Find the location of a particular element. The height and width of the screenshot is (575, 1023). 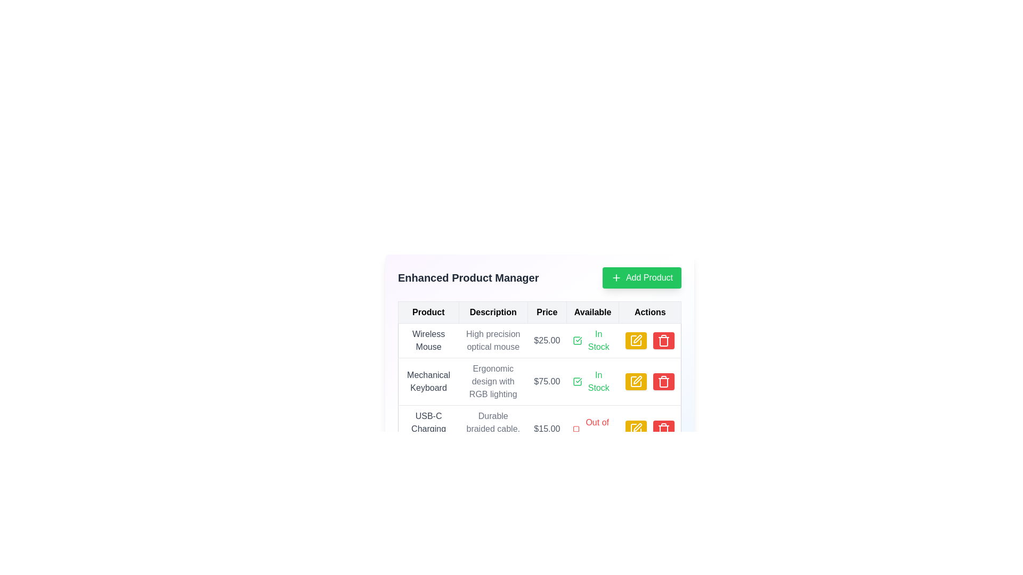

the 'Add Product' button located in the top-right corner of the 'Enhanced Product Manager' section to initiate adding a product is located at coordinates (641, 277).